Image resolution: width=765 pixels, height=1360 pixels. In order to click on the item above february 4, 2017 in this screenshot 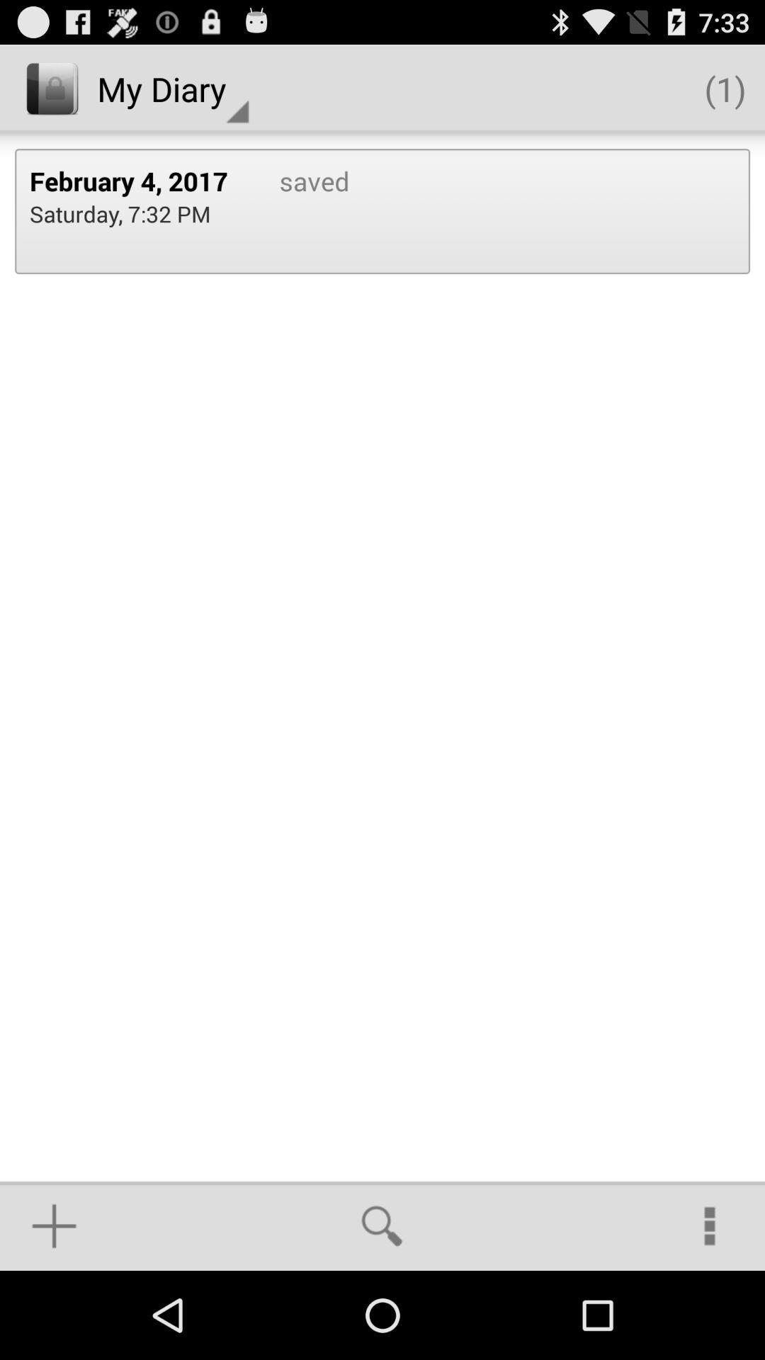, I will do `click(172, 88)`.